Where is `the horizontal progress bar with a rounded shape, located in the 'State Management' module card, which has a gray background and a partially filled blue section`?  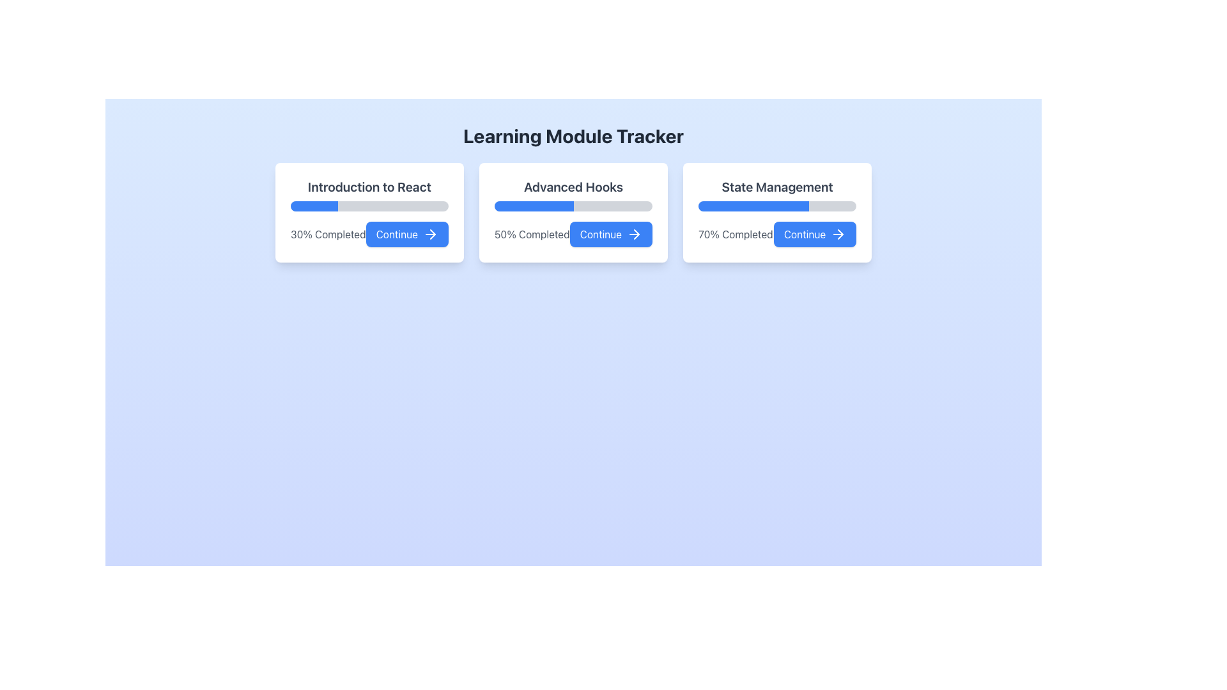
the horizontal progress bar with a rounded shape, located in the 'State Management' module card, which has a gray background and a partially filled blue section is located at coordinates (776, 206).